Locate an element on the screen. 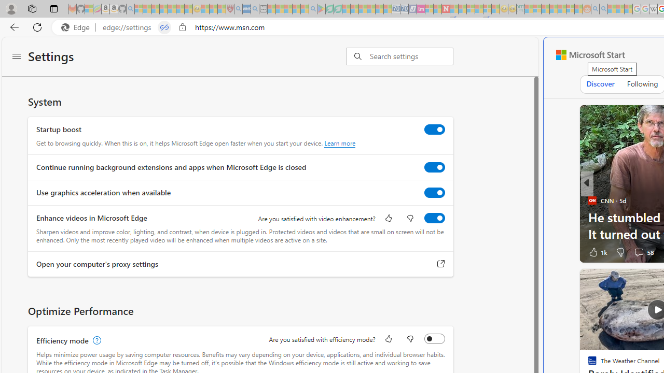  'DITOGAMES AG Imprint - Sleeping' is located at coordinates (520, 9).